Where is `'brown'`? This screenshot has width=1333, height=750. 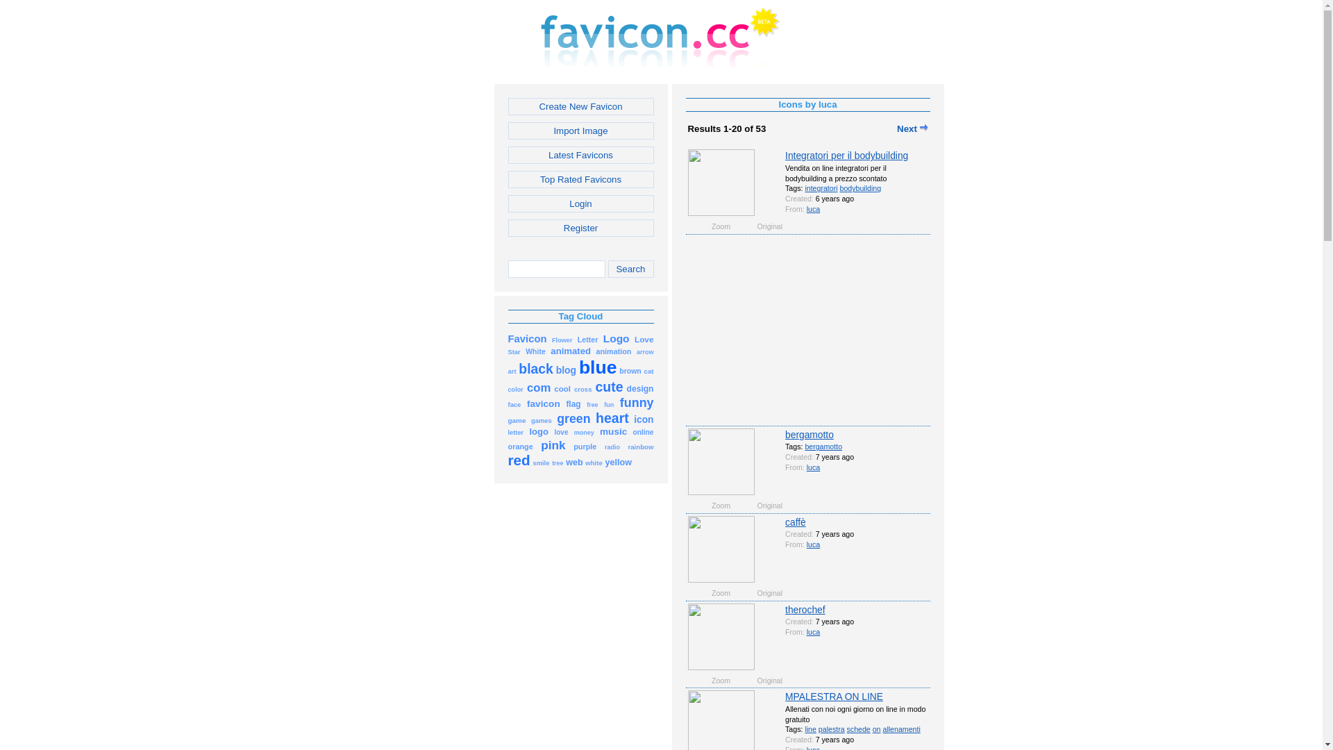 'brown' is located at coordinates (629, 369).